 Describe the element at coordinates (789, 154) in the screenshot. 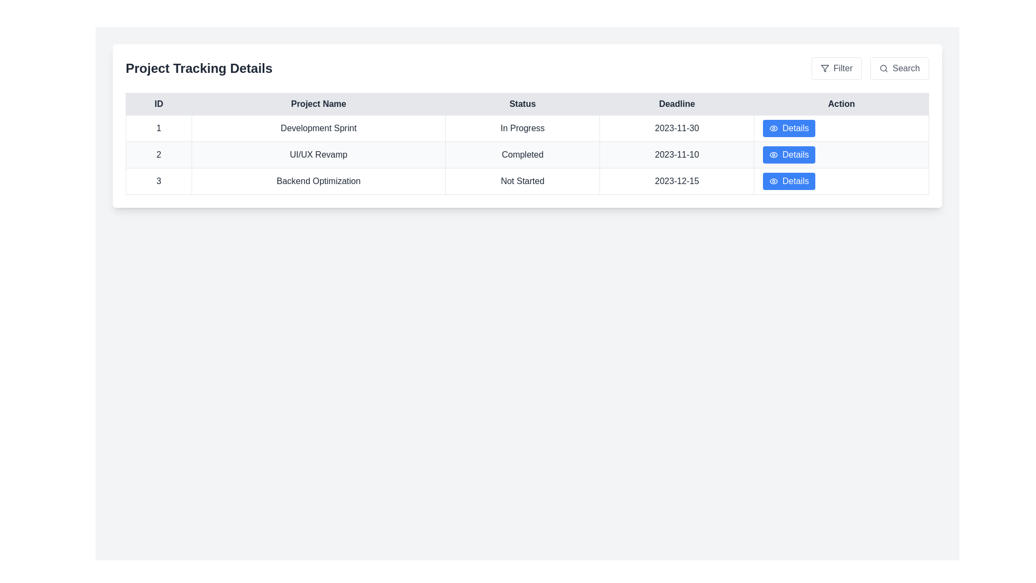

I see `the button in the 'Action' column of the second row` at that location.